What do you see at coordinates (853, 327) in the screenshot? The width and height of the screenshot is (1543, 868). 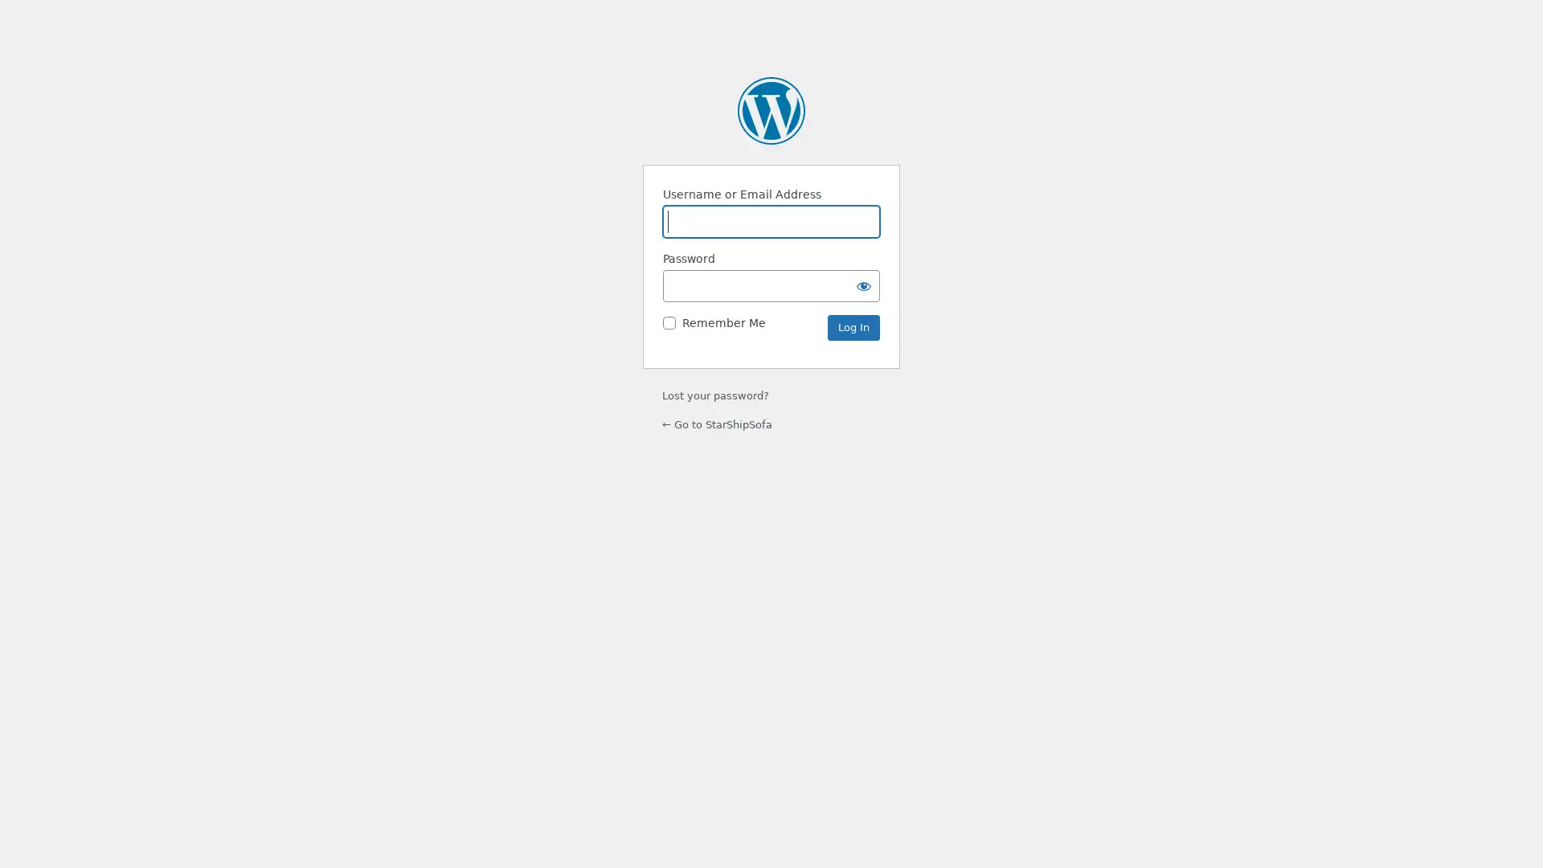 I see `Log In` at bounding box center [853, 327].